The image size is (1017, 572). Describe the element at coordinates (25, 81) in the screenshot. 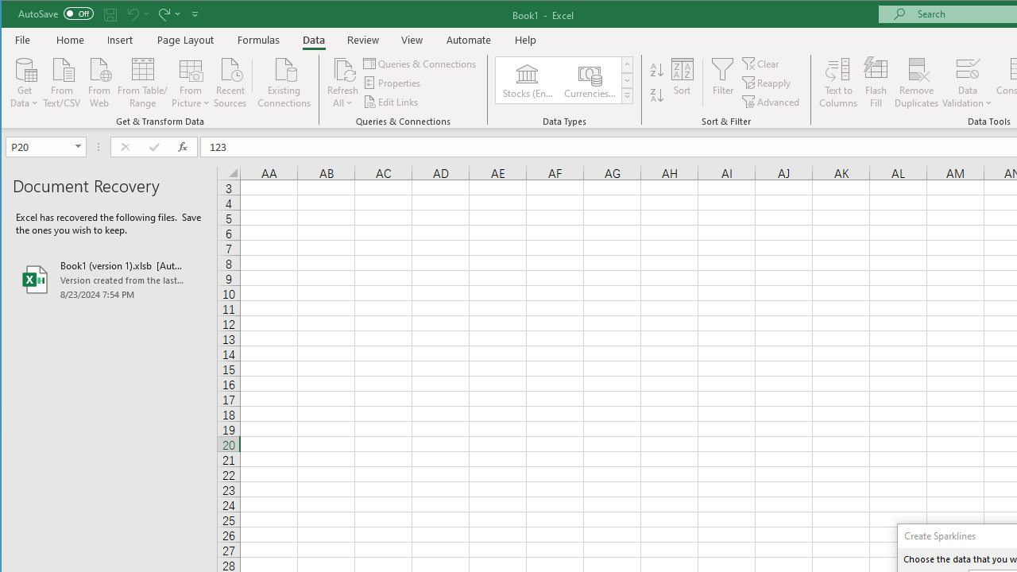

I see `'Get Data'` at that location.